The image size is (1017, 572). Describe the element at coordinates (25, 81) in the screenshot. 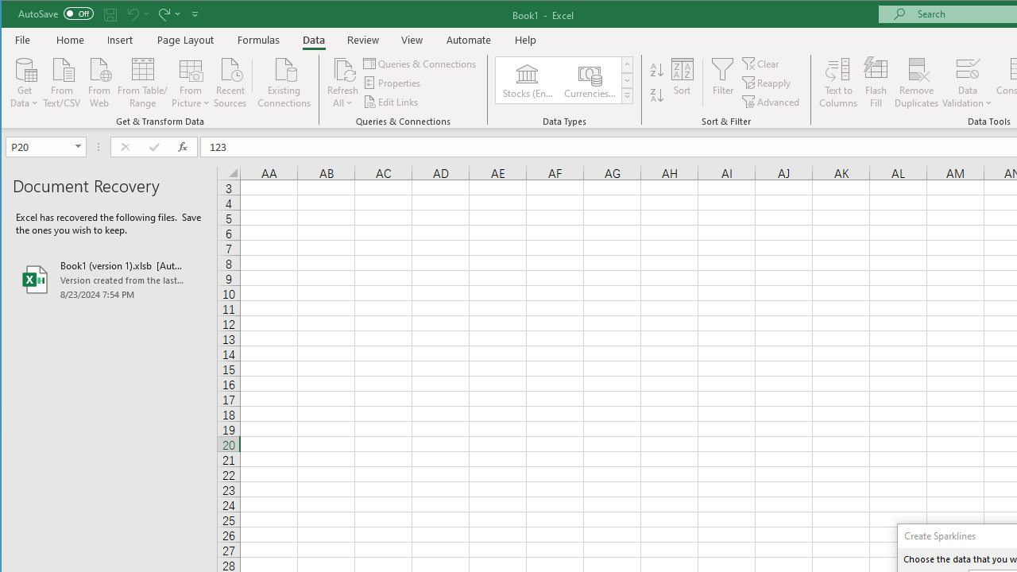

I see `'Get Data'` at that location.